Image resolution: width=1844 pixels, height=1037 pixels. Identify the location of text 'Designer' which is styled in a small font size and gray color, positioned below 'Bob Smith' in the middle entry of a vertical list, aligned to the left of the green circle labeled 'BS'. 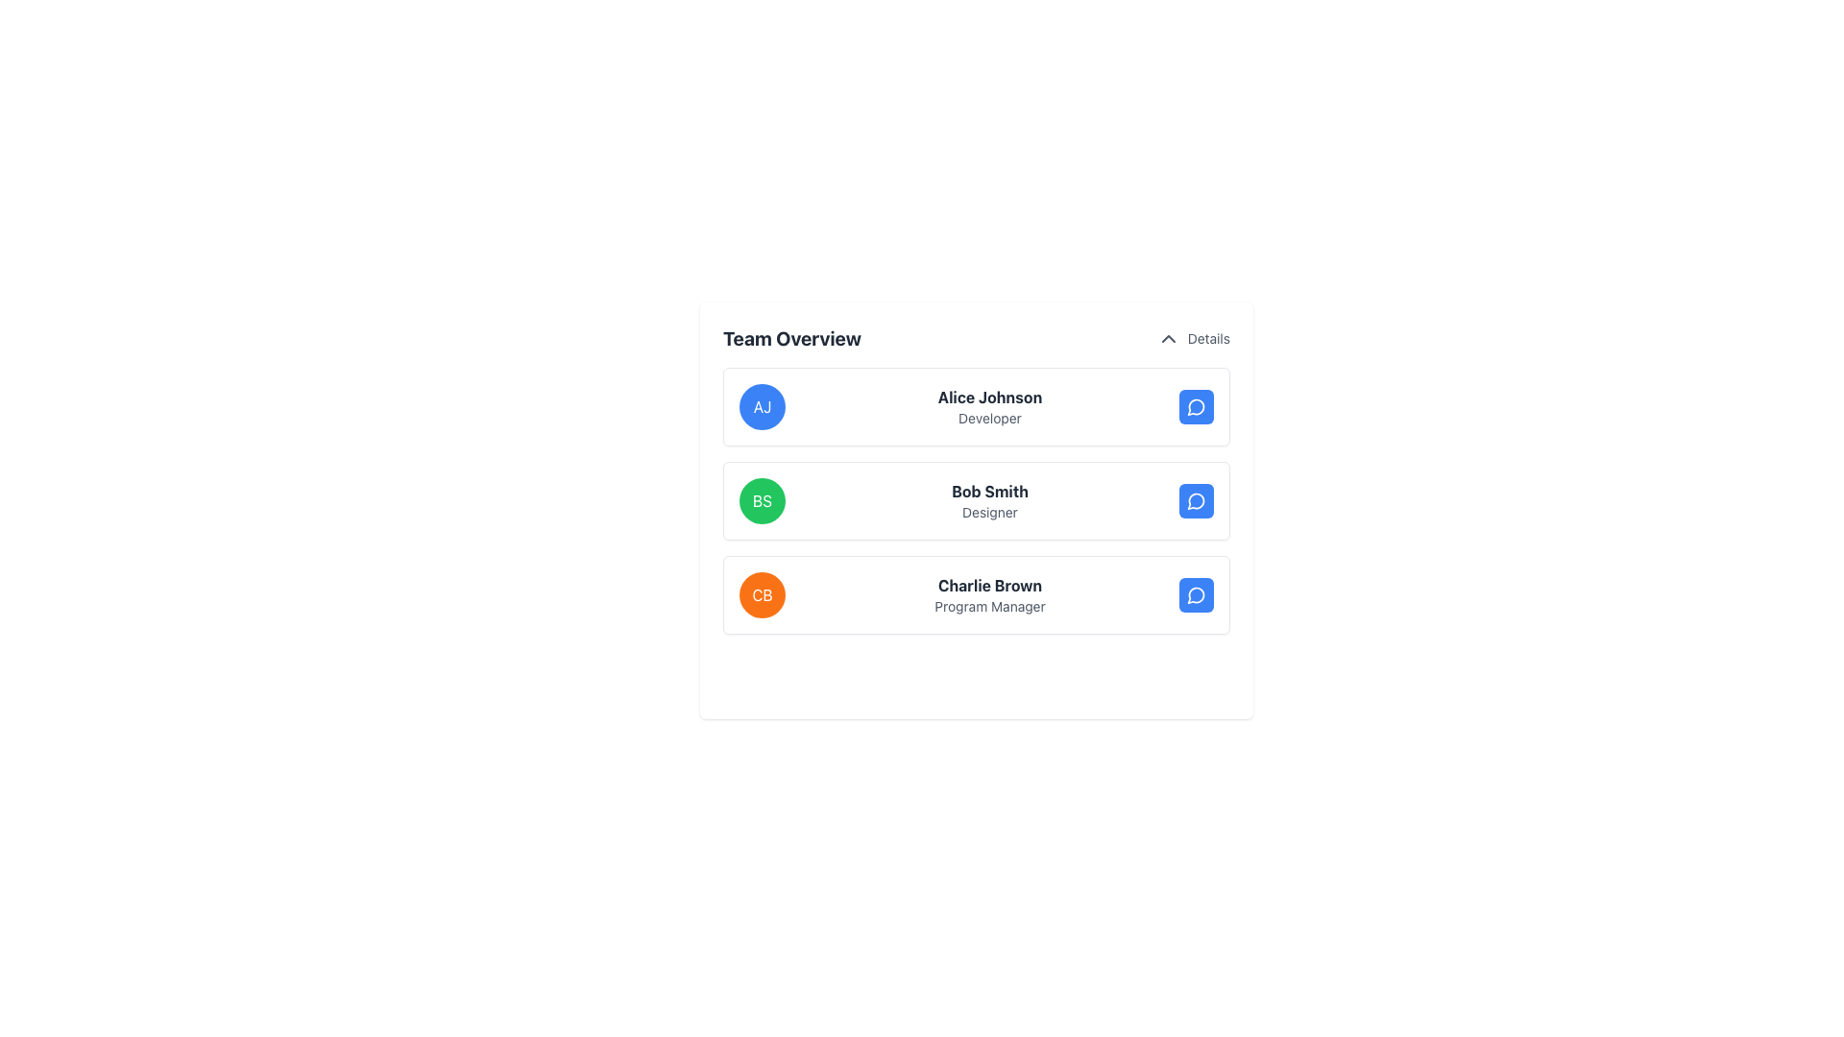
(990, 511).